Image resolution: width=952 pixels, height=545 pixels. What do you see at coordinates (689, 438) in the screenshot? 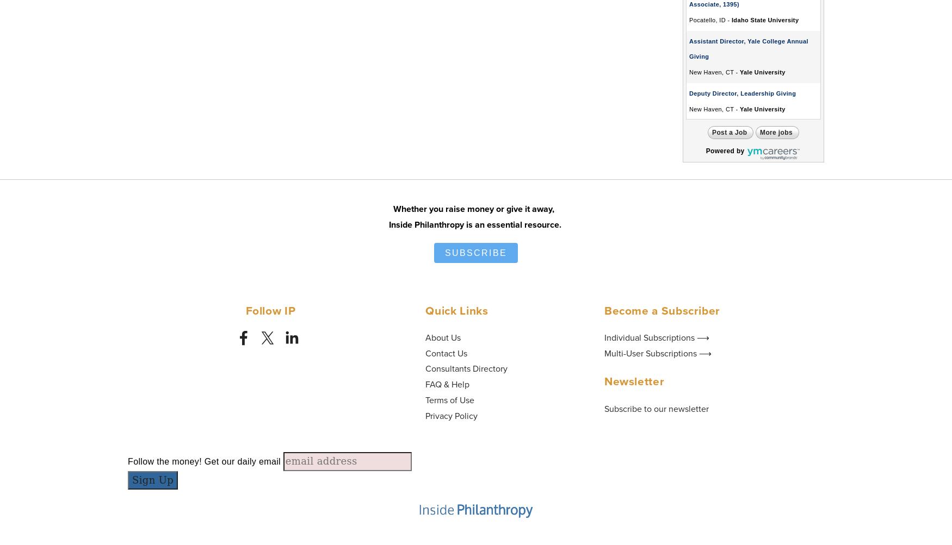
I see `'Los Angeles, CA'` at bounding box center [689, 438].